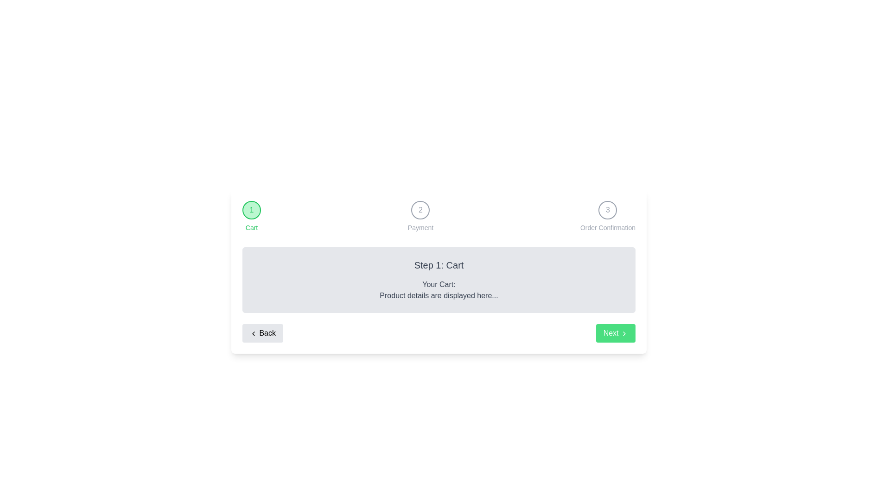 This screenshot has width=890, height=500. Describe the element at coordinates (607, 210) in the screenshot. I see `the step header labeled Order Confirmation to navigate to that step` at that location.